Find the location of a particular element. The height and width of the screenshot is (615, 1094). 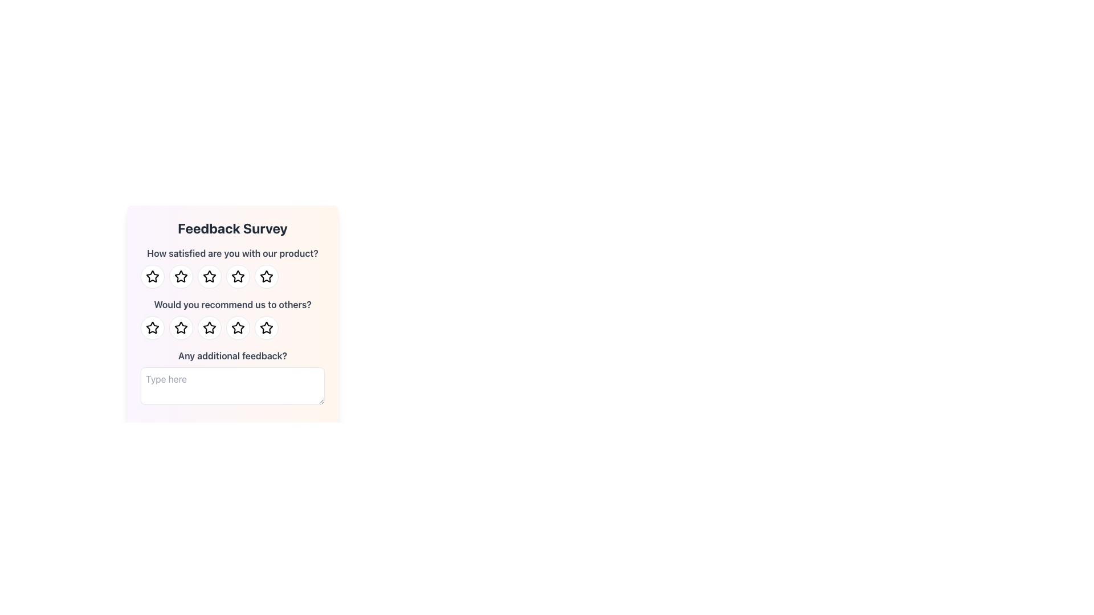

one of the star icons in the Rating widget labeled 'Would you recommend us to others?' is located at coordinates (232, 318).